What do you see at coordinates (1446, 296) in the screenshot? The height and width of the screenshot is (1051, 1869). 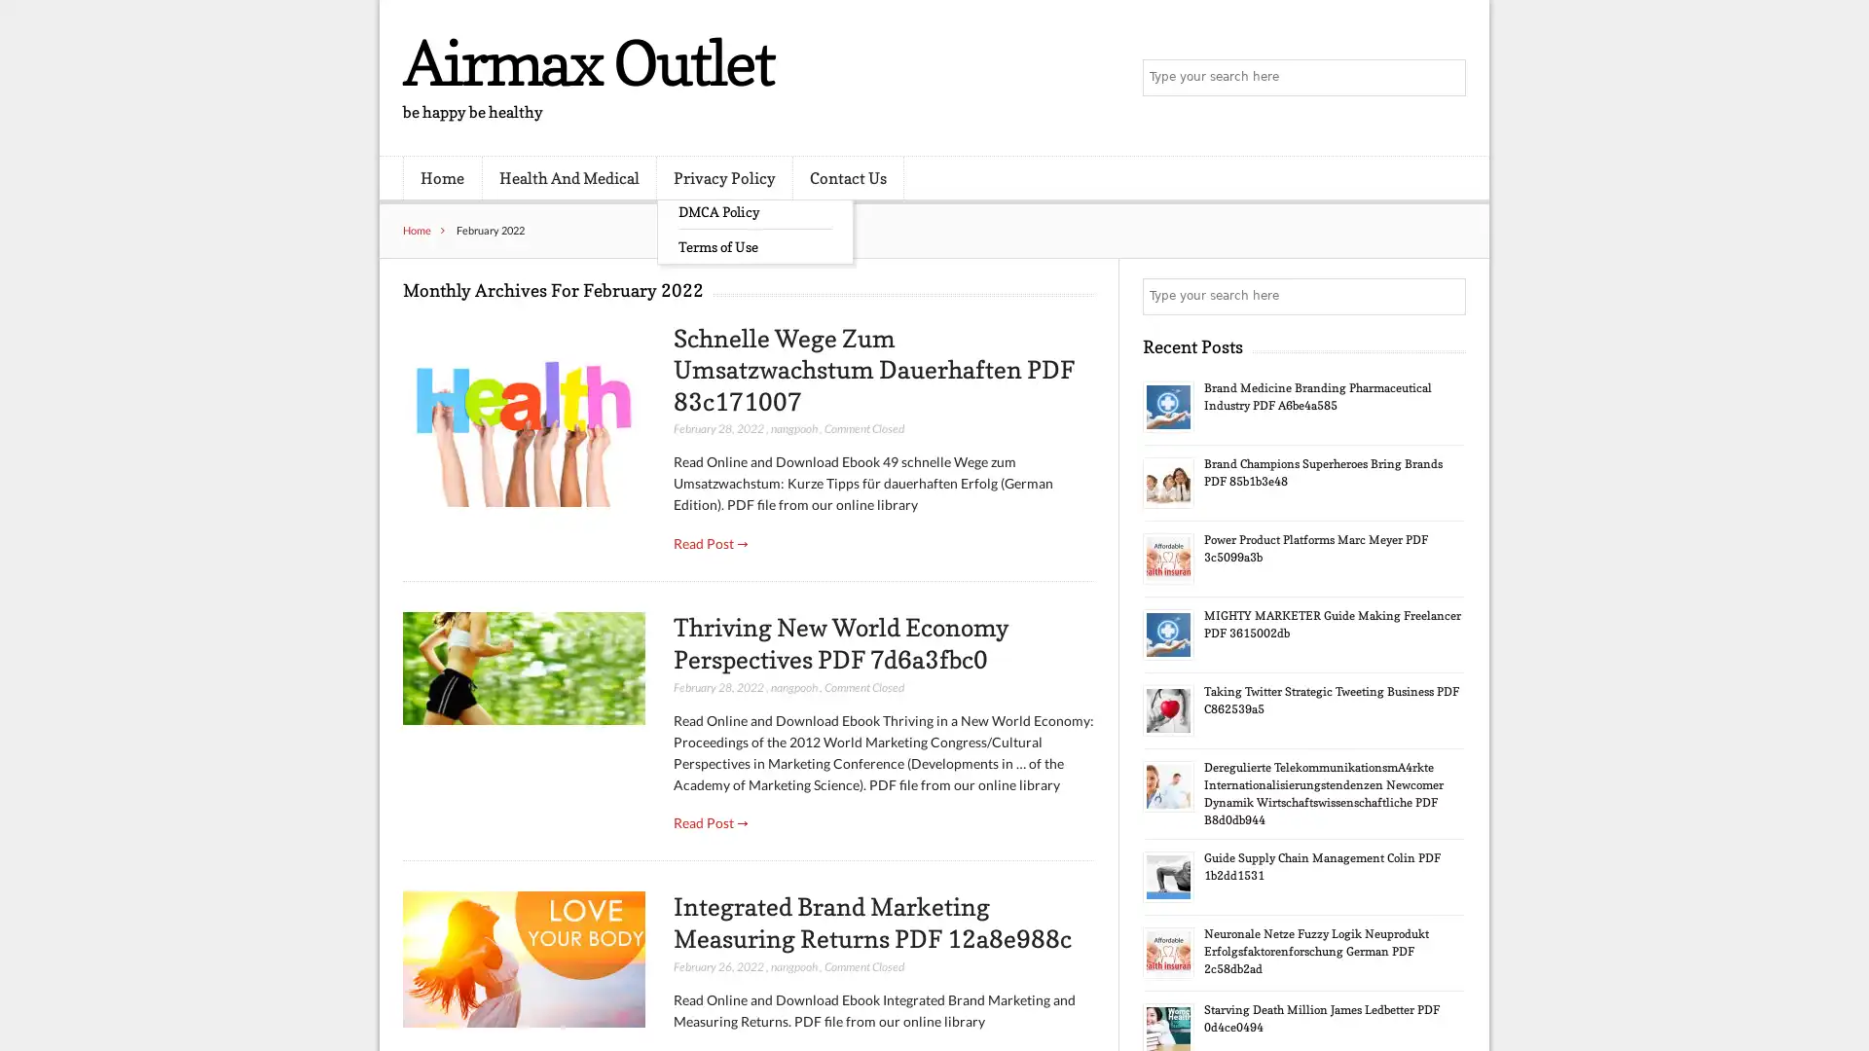 I see `Search` at bounding box center [1446, 296].